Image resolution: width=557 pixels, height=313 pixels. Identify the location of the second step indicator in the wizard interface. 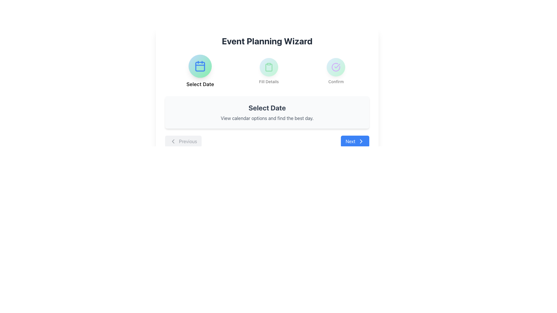
(269, 71).